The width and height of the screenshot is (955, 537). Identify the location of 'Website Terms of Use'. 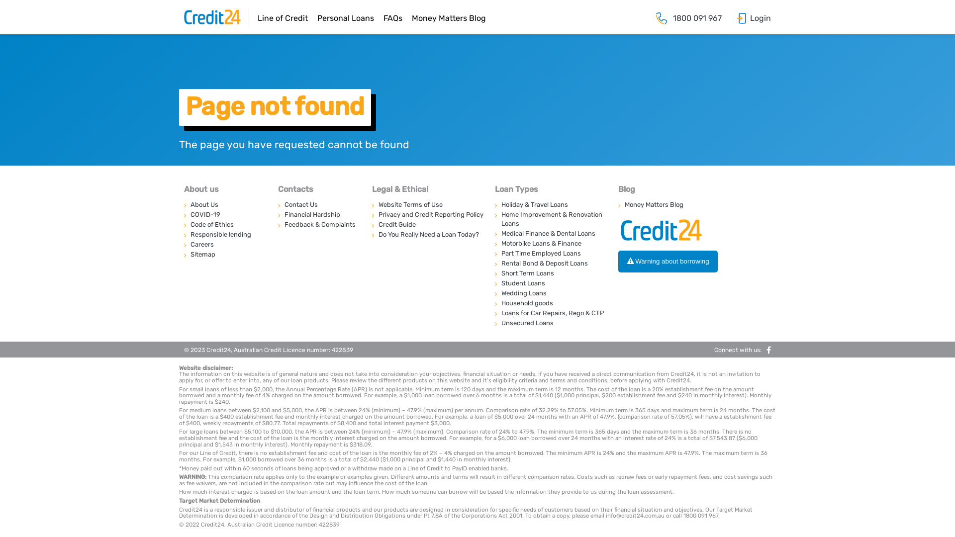
(427, 204).